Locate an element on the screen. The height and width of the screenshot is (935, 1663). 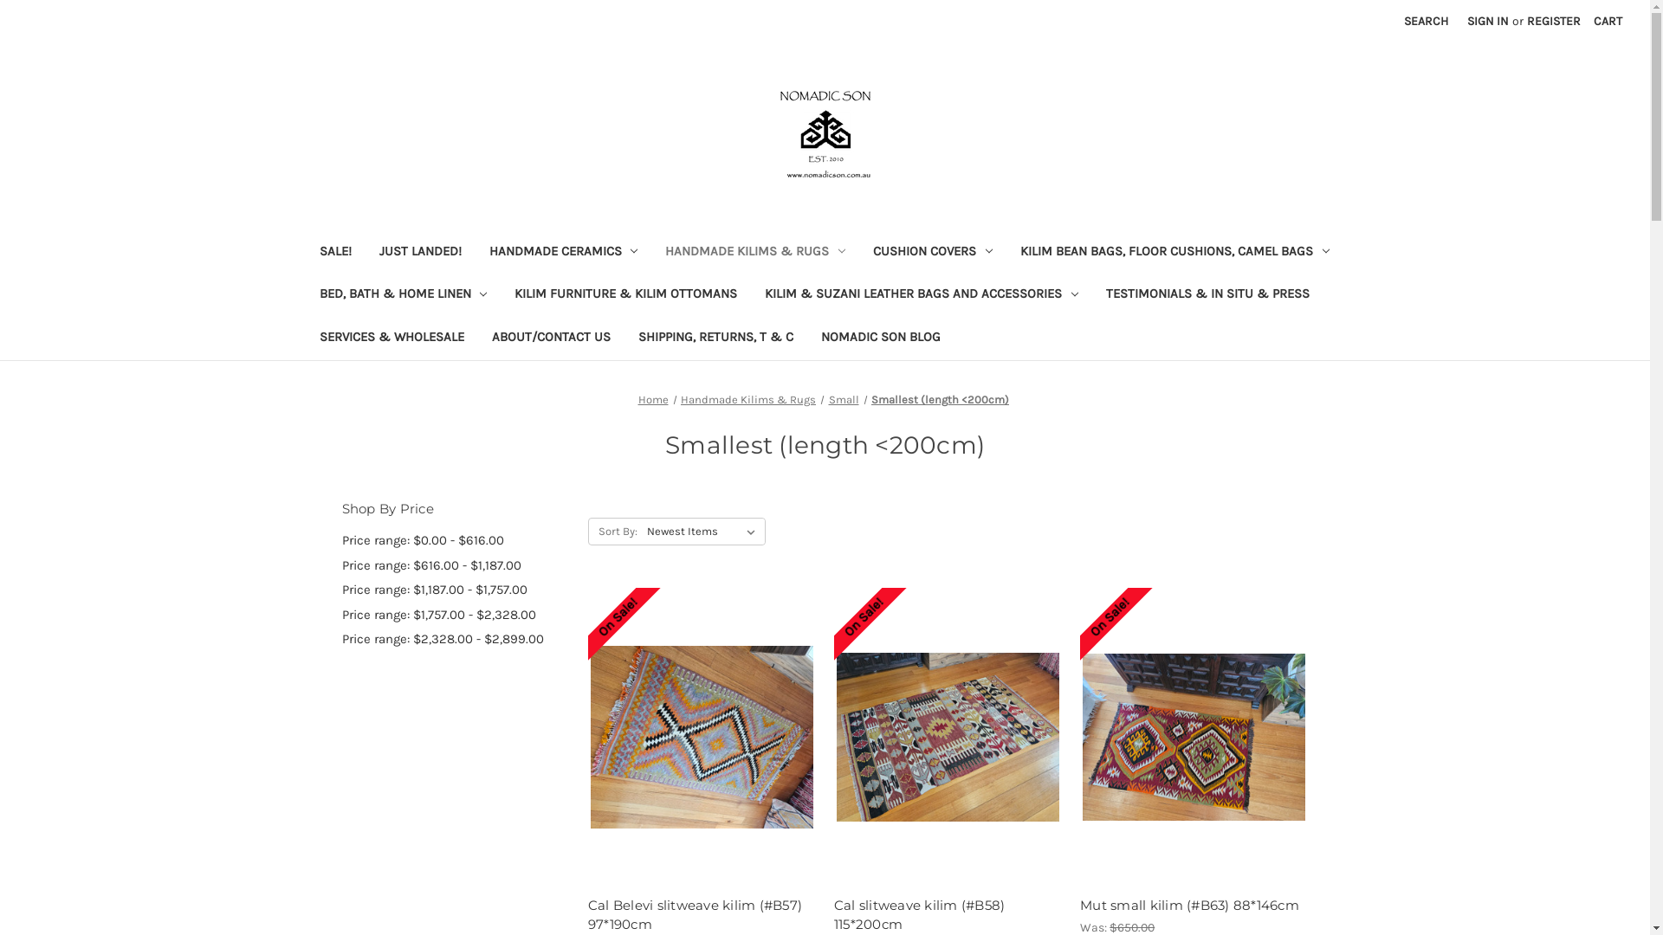
'Price range: $0.00 - $616.00' is located at coordinates (455, 539).